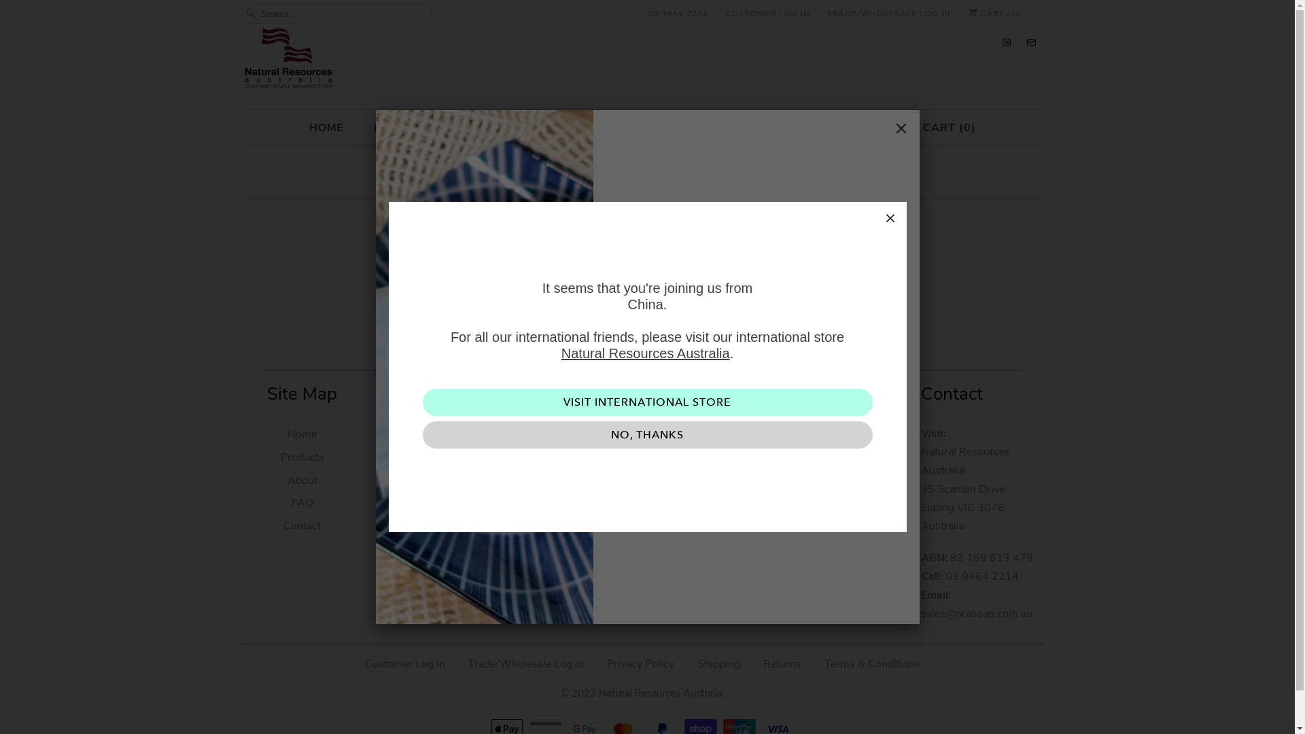 The width and height of the screenshot is (1305, 734). I want to click on 'Natural Resources Australia', so click(642, 61).